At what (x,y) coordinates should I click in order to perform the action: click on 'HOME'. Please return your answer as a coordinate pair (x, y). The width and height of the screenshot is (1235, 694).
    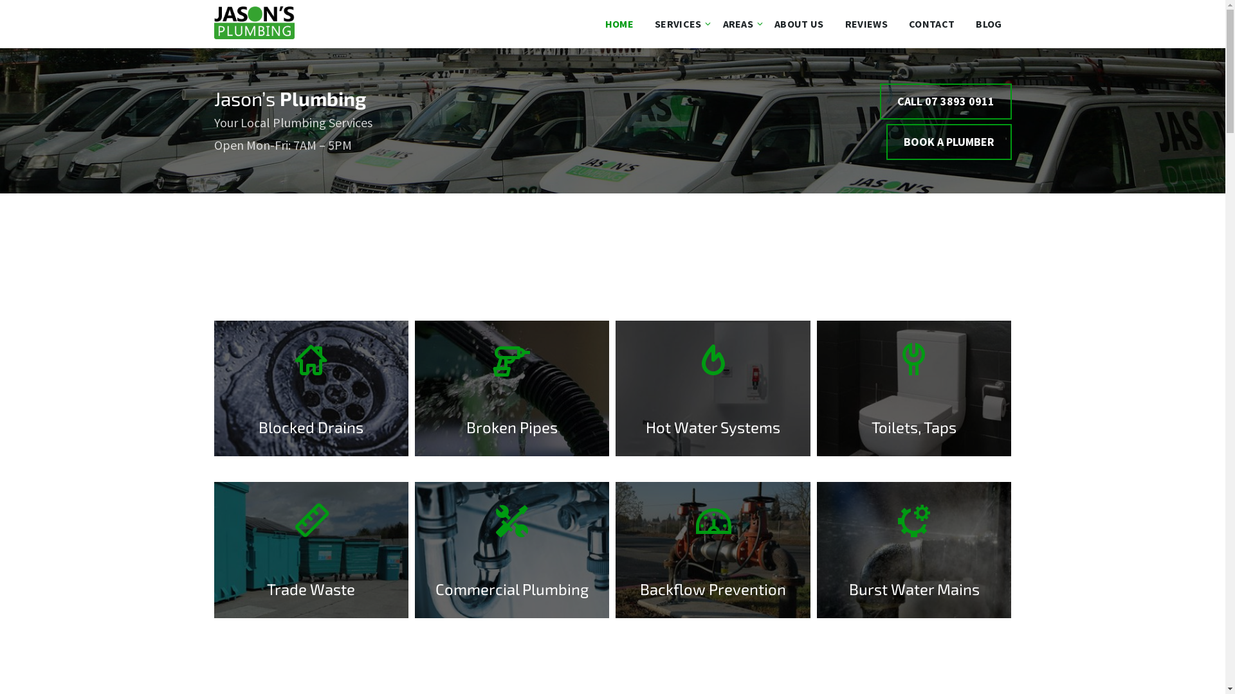
    Looking at the image, I should click on (619, 24).